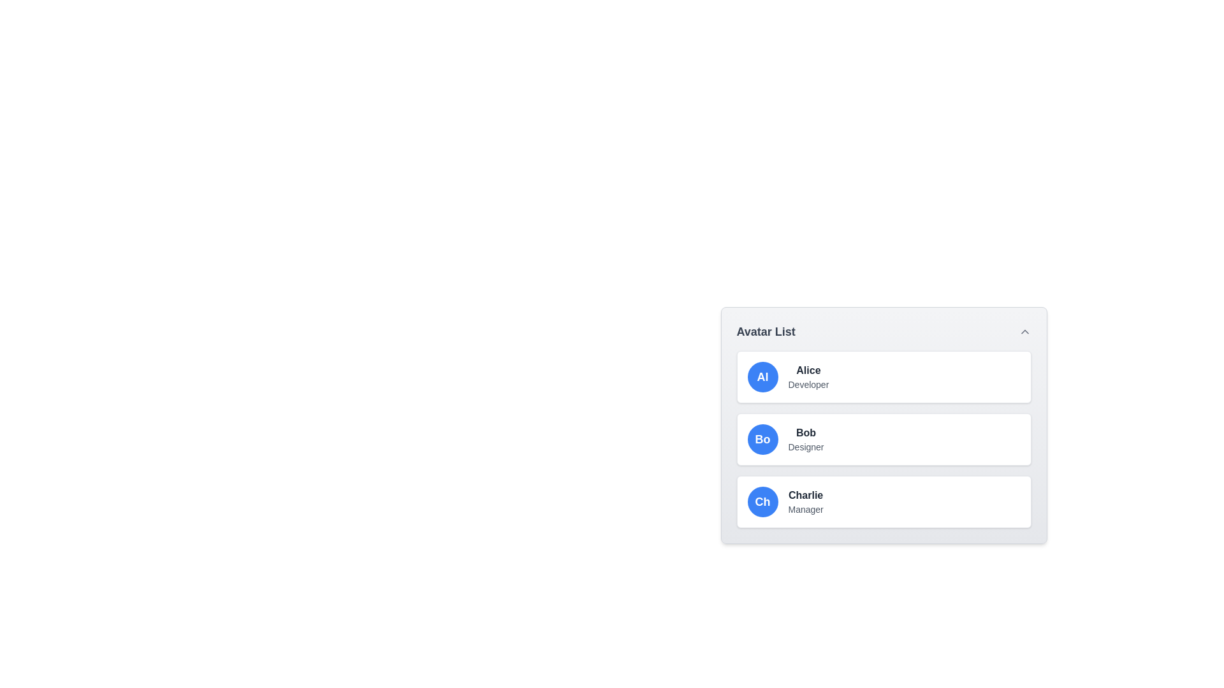 This screenshot has height=688, width=1224. I want to click on the chevron icon in the upper-right corner of the 'Avatar List' section, so click(1024, 331).